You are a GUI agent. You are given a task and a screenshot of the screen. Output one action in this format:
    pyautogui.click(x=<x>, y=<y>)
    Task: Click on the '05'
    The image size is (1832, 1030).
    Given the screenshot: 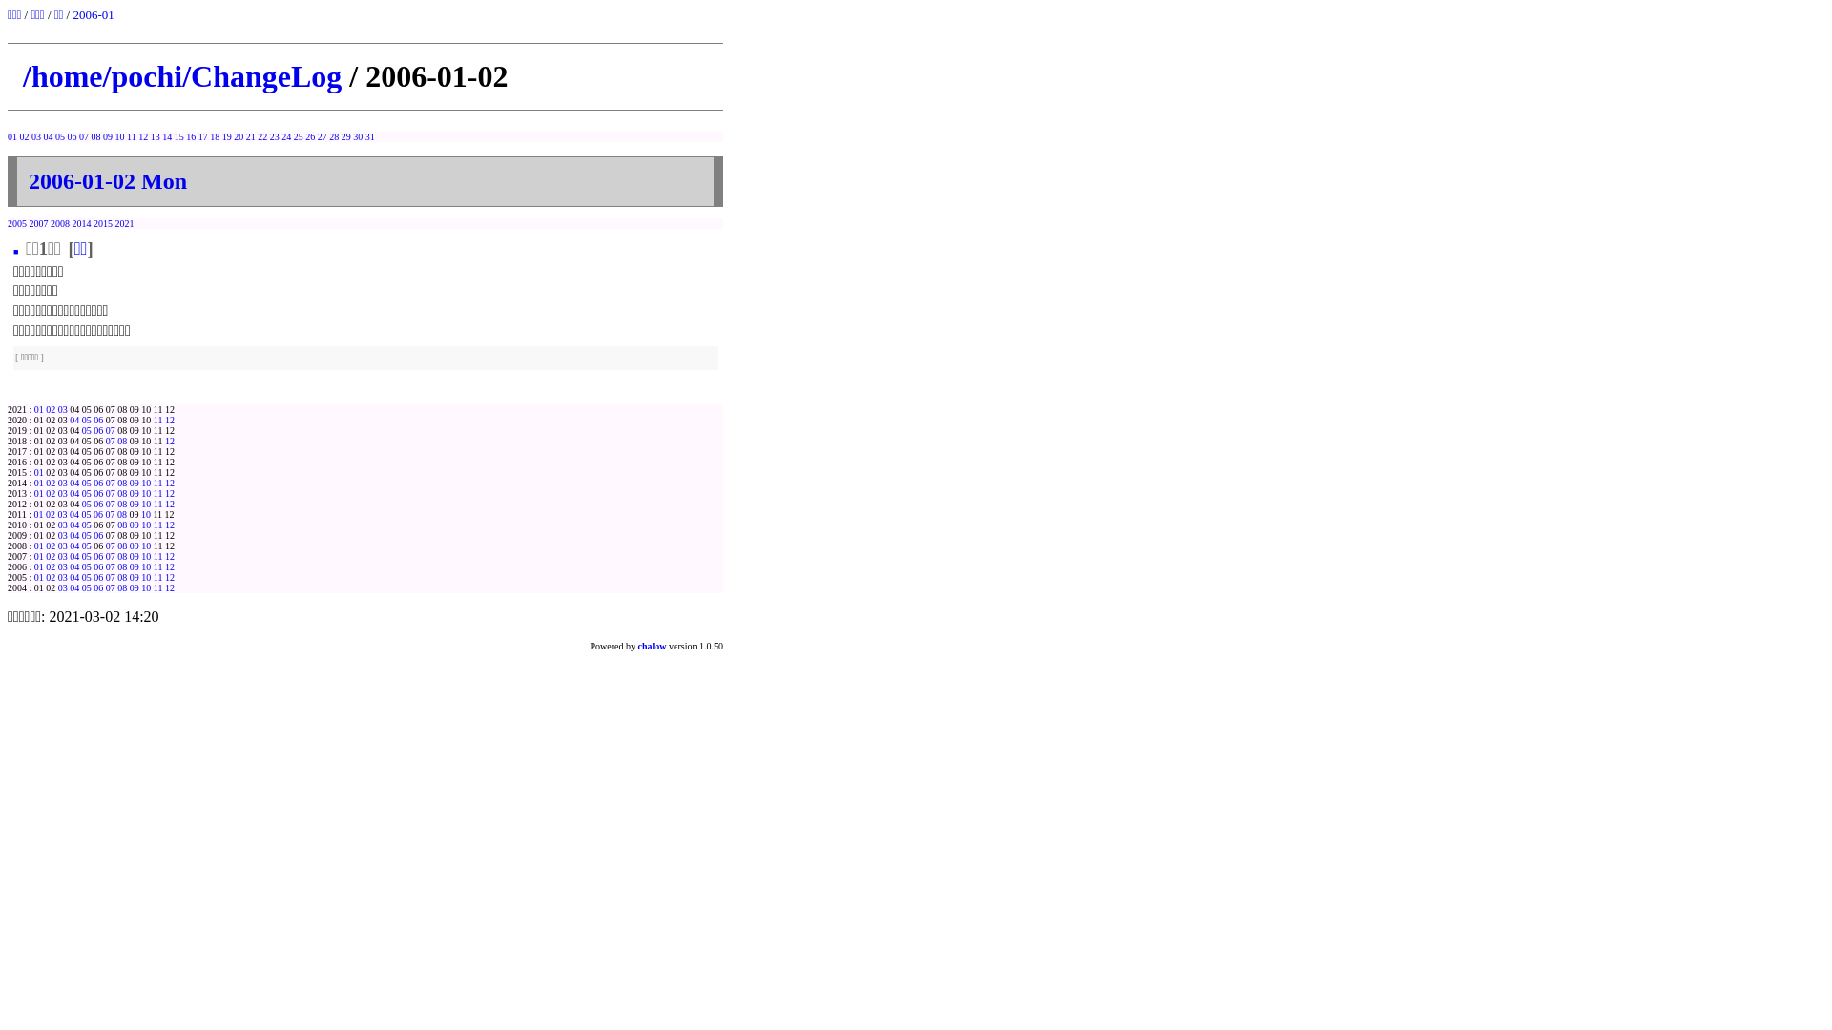 What is the action you would take?
    pyautogui.click(x=86, y=503)
    